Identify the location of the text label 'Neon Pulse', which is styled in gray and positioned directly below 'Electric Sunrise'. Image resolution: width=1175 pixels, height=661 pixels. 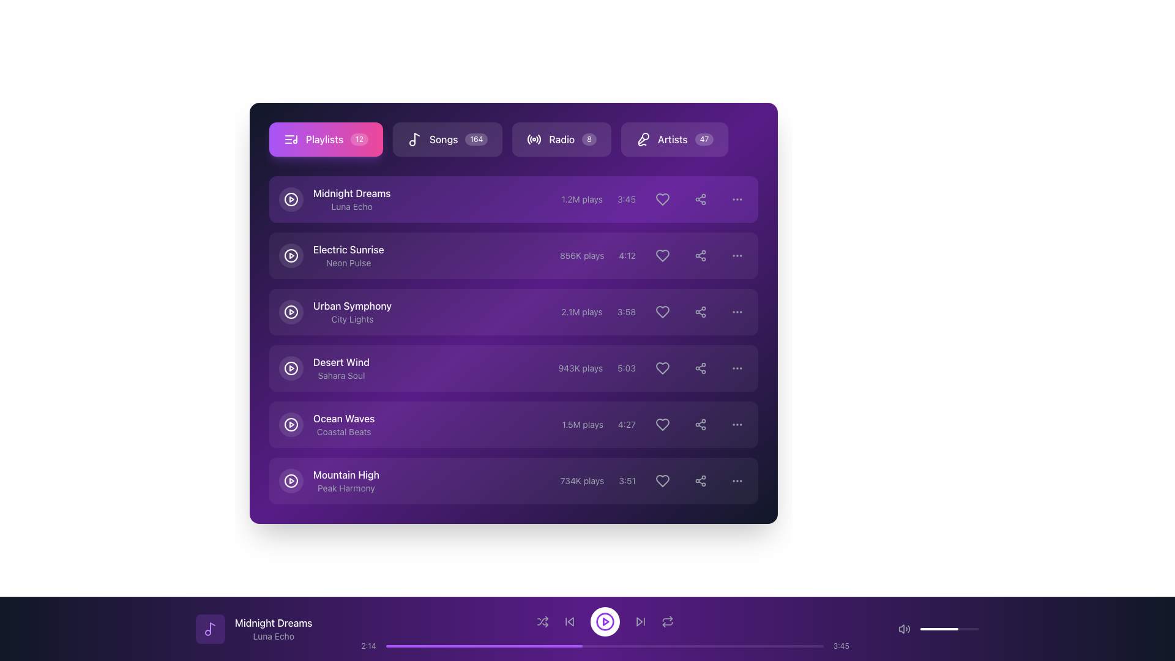
(348, 262).